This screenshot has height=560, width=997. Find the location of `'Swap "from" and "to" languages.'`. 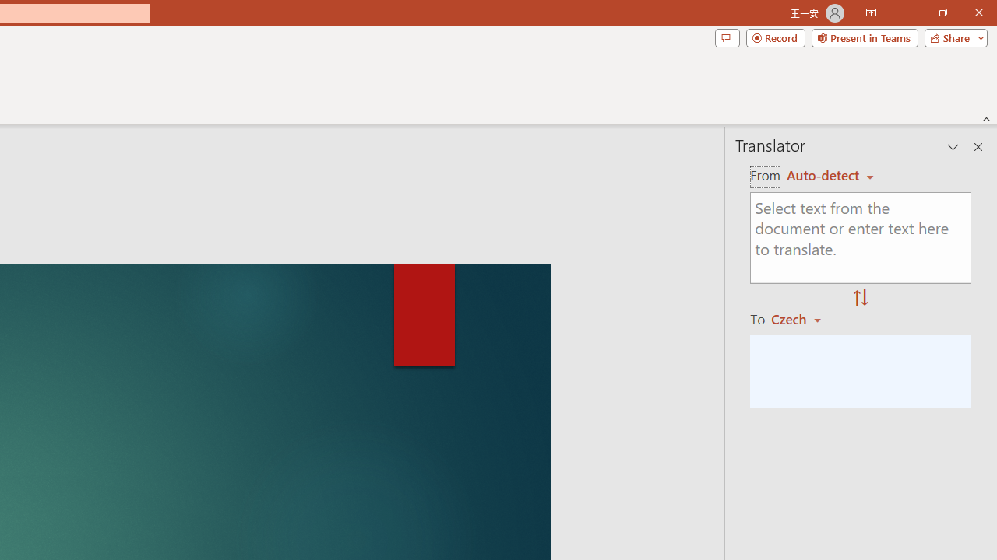

'Swap "from" and "to" languages.' is located at coordinates (860, 299).